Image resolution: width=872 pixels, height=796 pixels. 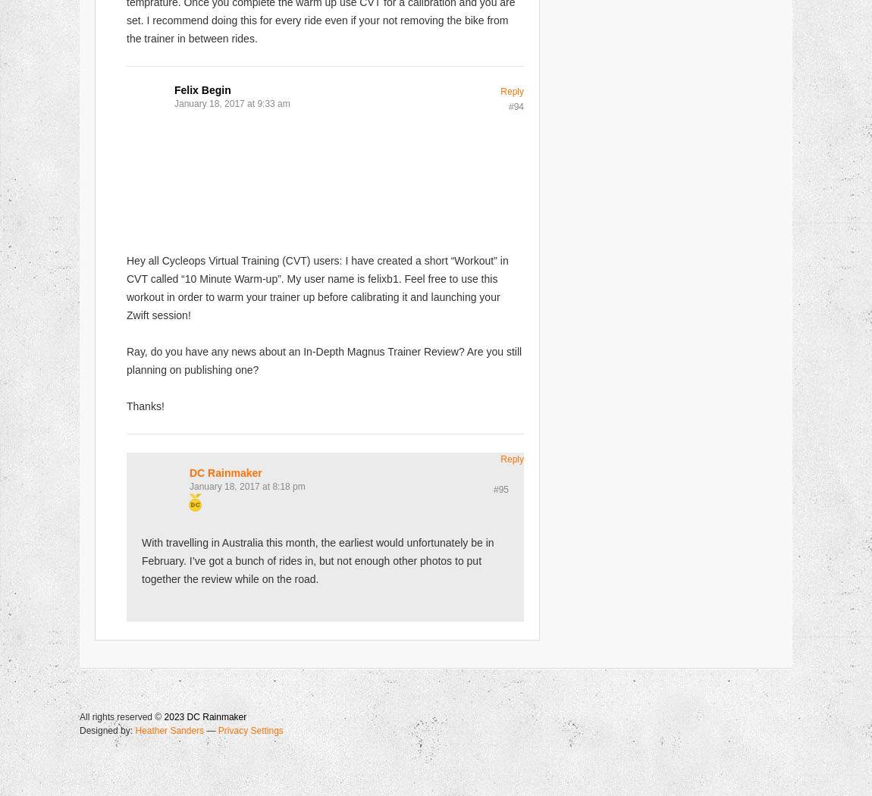 I want to click on 'Designed by:', so click(x=106, y=729).